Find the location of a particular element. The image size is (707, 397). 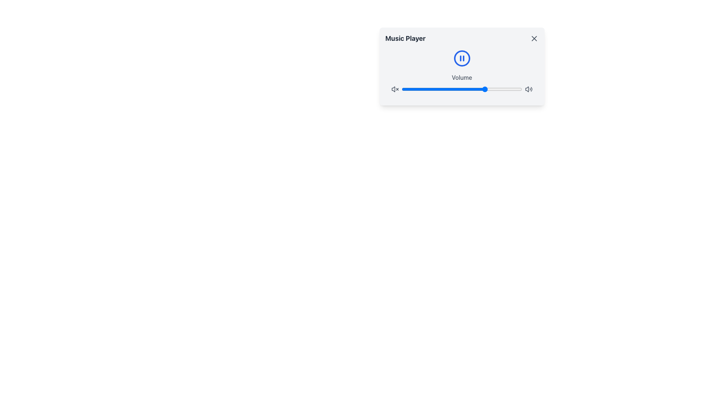

the volume slider is located at coordinates (483, 89).